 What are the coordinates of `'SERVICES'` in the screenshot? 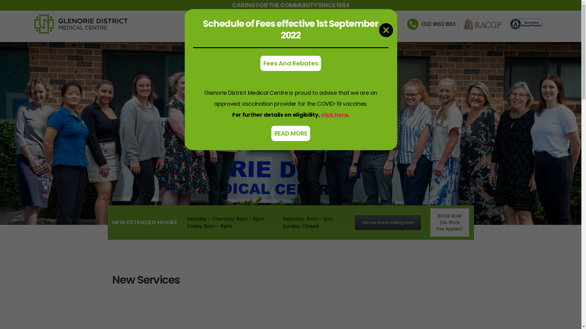 It's located at (307, 24).